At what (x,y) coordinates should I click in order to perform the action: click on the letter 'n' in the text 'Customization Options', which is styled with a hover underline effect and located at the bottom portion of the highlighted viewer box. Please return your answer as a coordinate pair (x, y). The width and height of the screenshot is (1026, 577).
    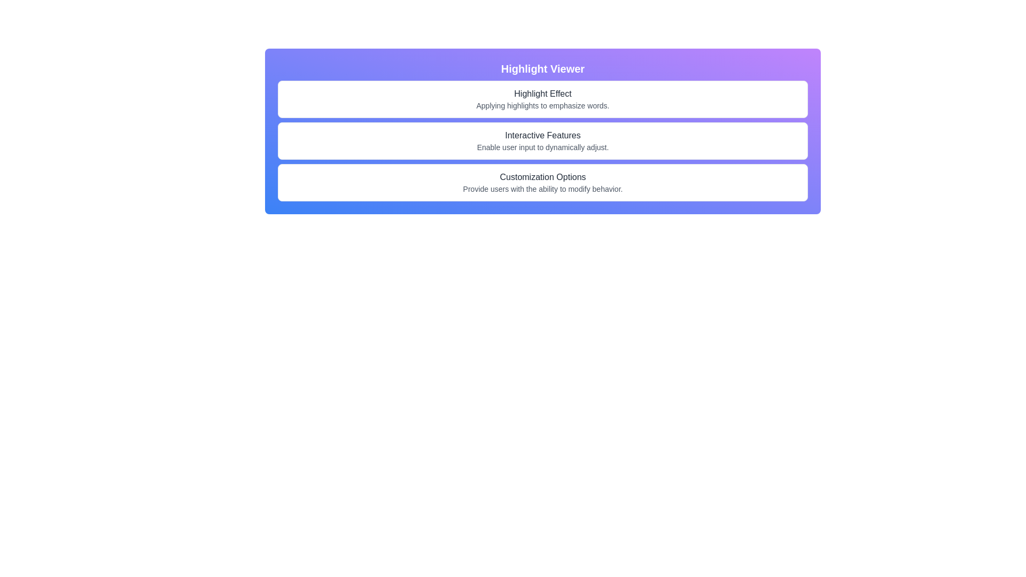
    Looking at the image, I should click on (579, 176).